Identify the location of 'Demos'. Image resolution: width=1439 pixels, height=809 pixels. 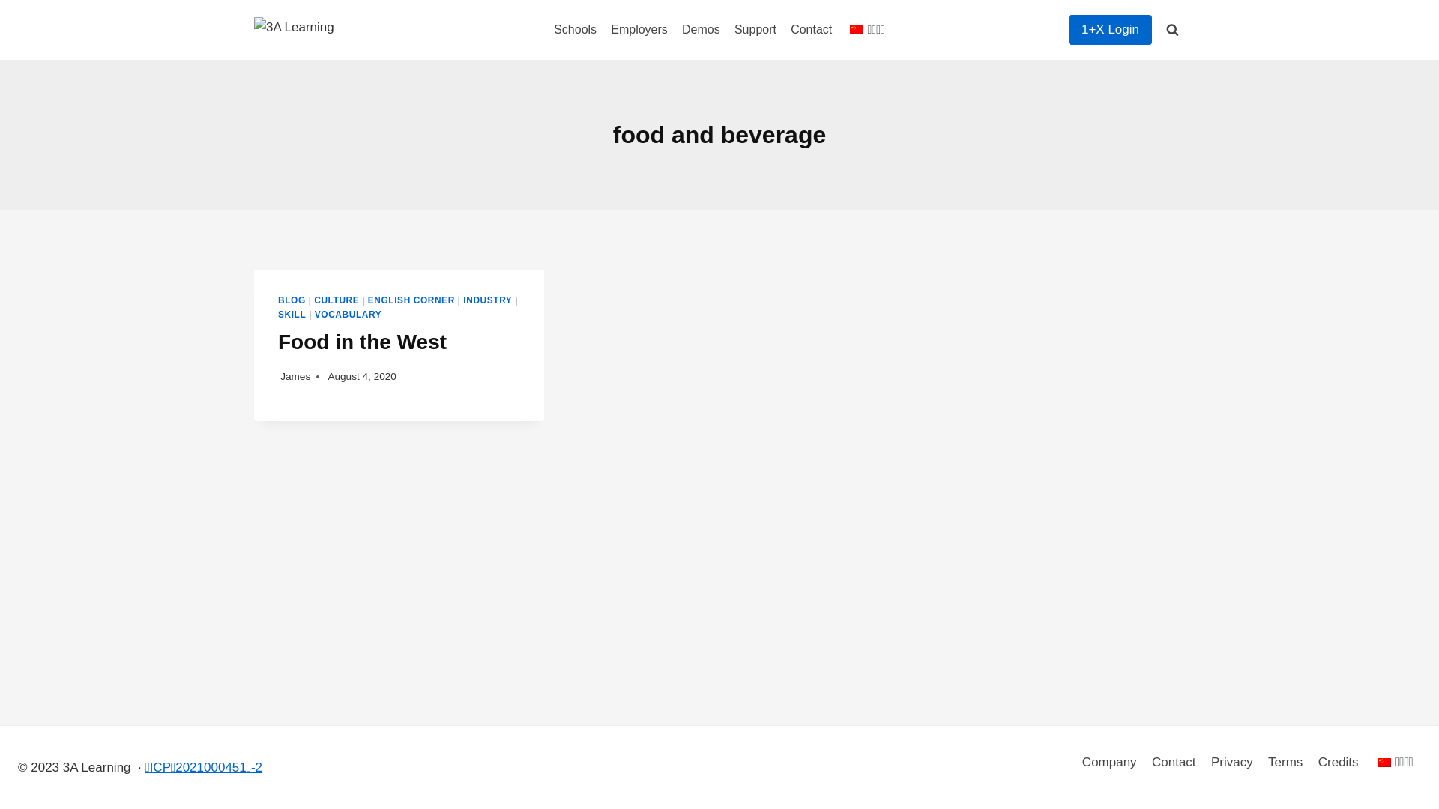
(700, 30).